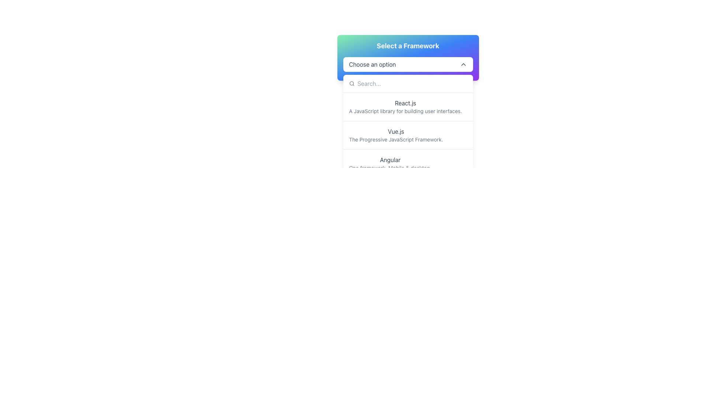  What do you see at coordinates (463, 64) in the screenshot?
I see `the chevron icon` at bounding box center [463, 64].